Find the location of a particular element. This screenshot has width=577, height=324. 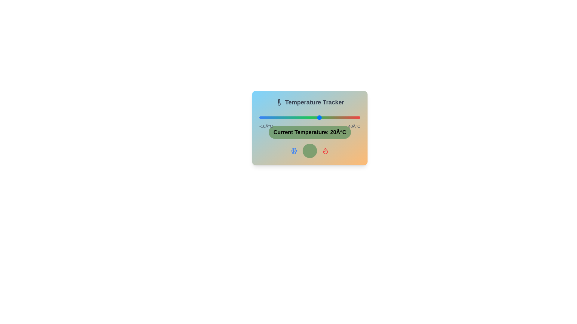

the temperature slider to set the temperature to -9°C is located at coordinates (261, 118).